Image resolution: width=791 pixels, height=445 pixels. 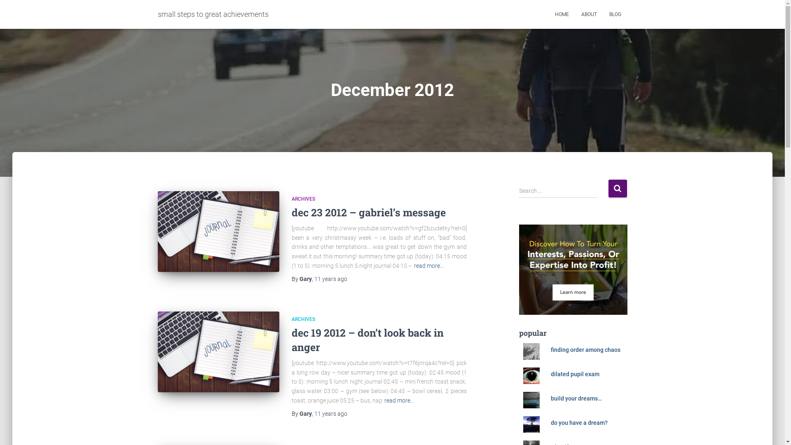 What do you see at coordinates (579, 423) in the screenshot?
I see `'do you have a dream?'` at bounding box center [579, 423].